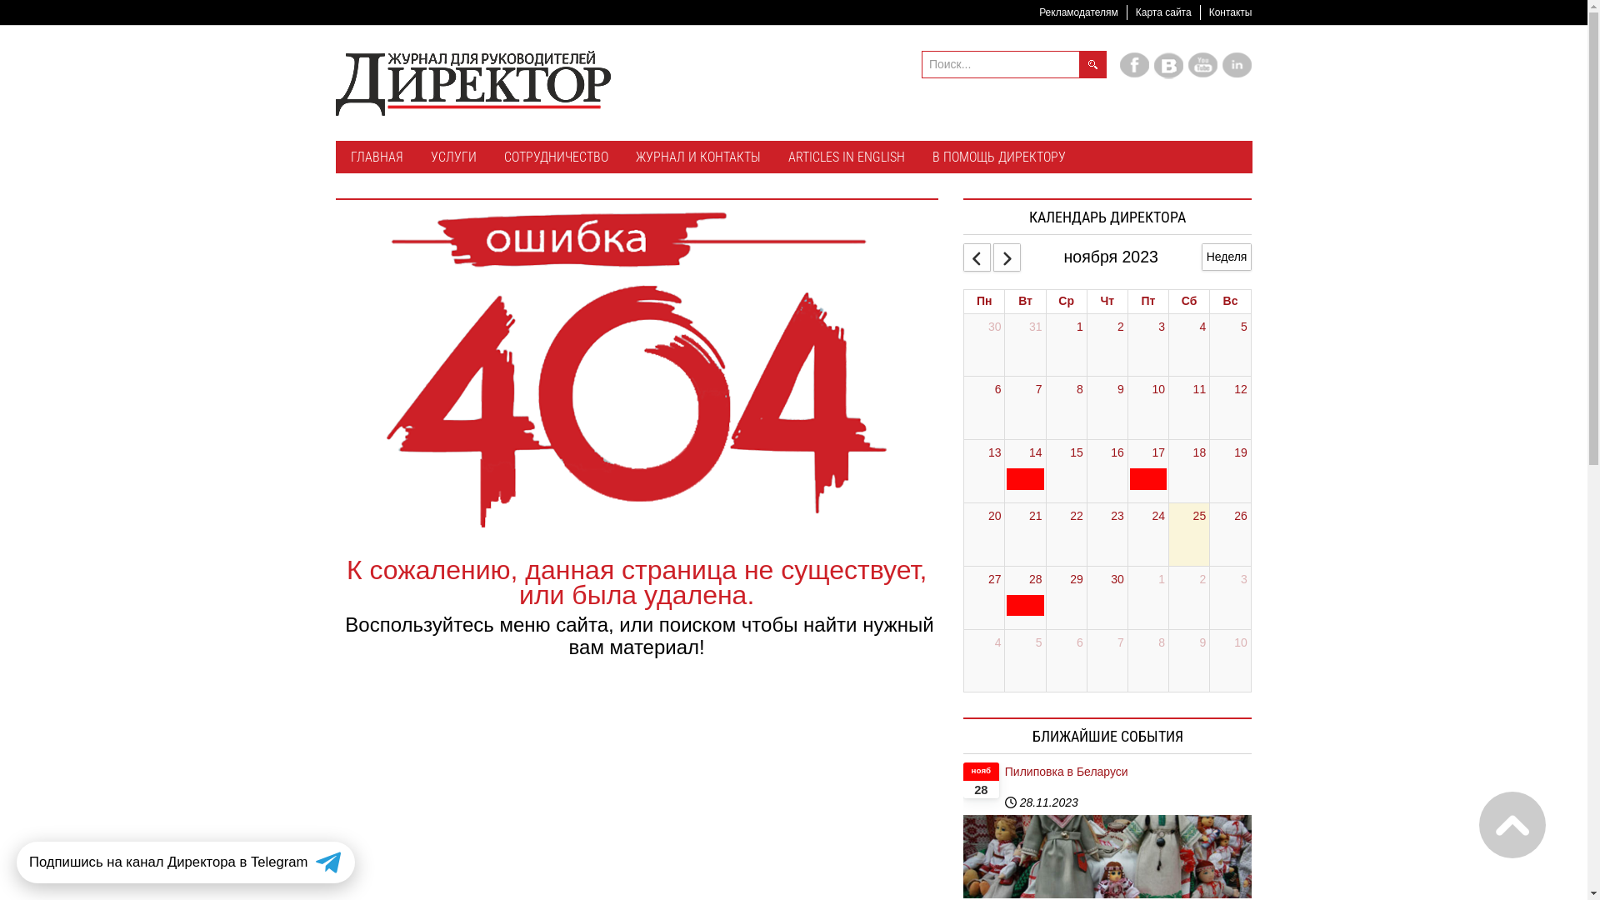  I want to click on '1', so click(1080, 327).